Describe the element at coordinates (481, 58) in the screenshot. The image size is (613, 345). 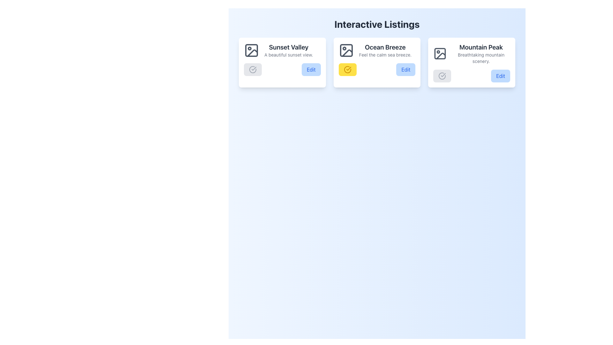
I see `the descriptive text label located within the 'Mountain Peak' card, which is centrally aligned beneath the title` at that location.